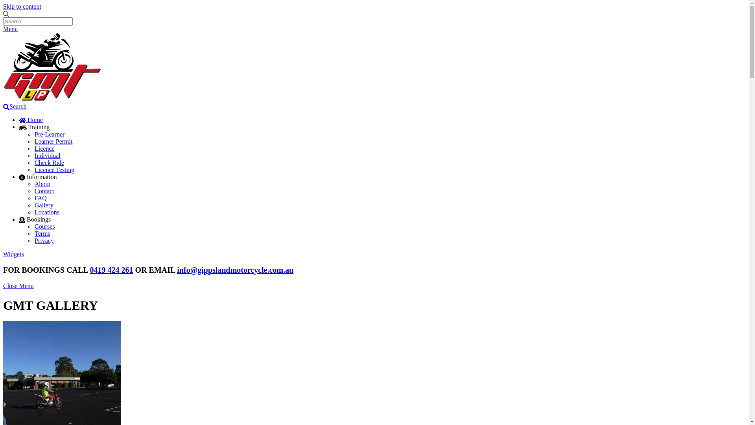 Image resolution: width=755 pixels, height=425 pixels. Describe the element at coordinates (44, 226) in the screenshot. I see `'Courses'` at that location.